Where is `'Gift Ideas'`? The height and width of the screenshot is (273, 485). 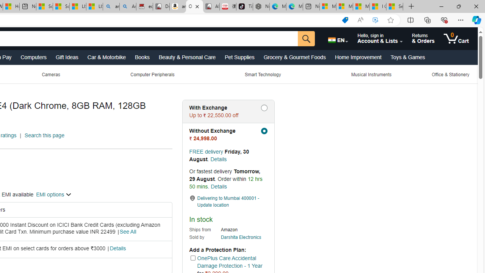 'Gift Ideas' is located at coordinates (67, 56).